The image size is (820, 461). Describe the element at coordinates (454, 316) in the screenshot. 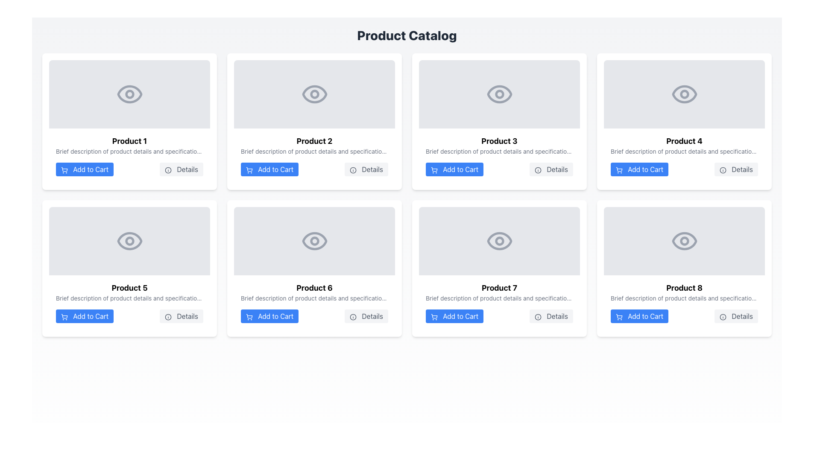

I see `the button to add Product 7 to the shopping cart, located at the left corner of the button row in the content card` at that location.